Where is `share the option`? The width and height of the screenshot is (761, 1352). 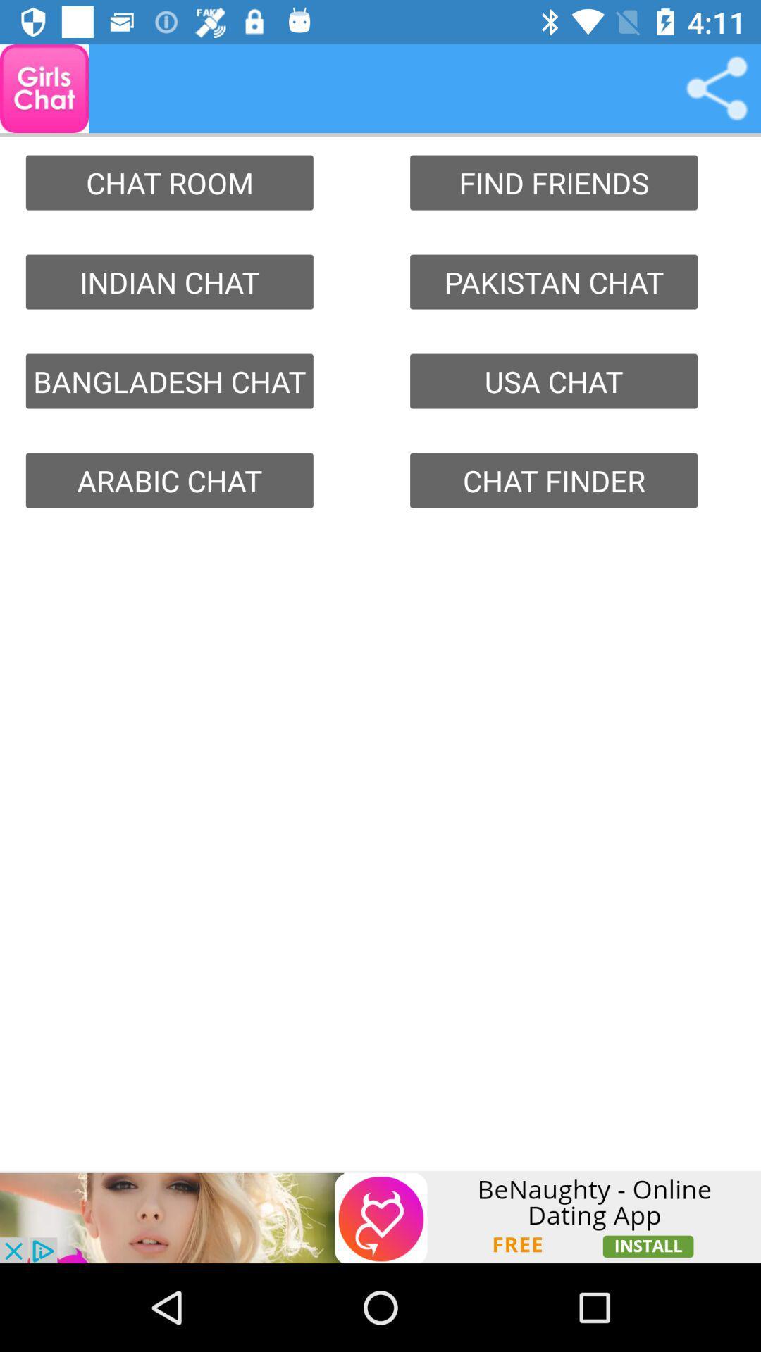 share the option is located at coordinates (717, 87).